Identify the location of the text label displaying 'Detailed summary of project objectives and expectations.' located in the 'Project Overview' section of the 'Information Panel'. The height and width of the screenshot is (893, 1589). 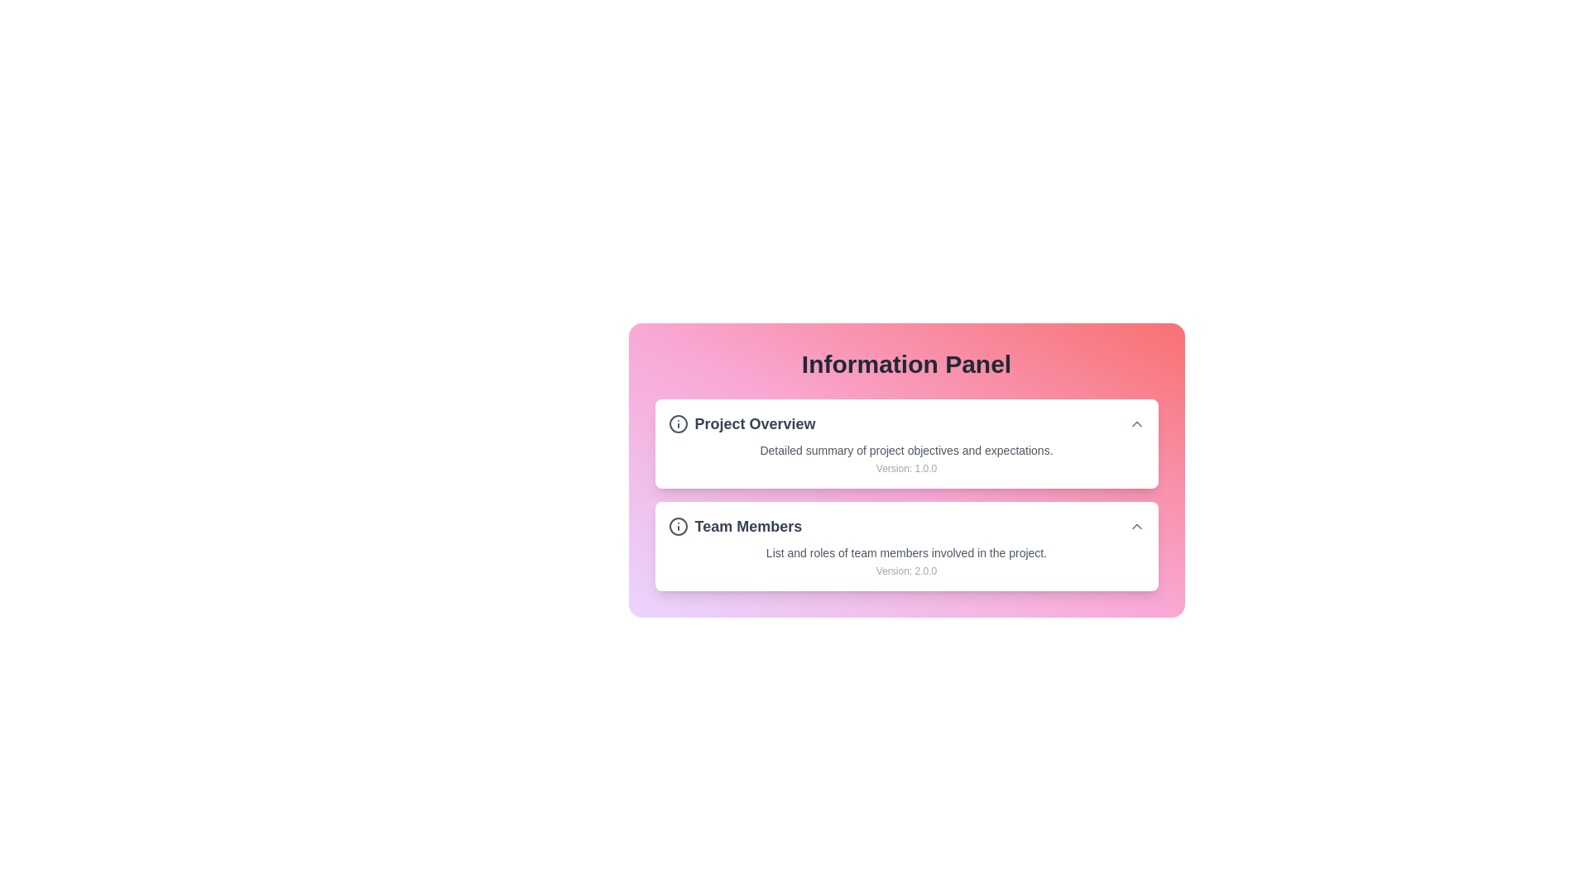
(905, 450).